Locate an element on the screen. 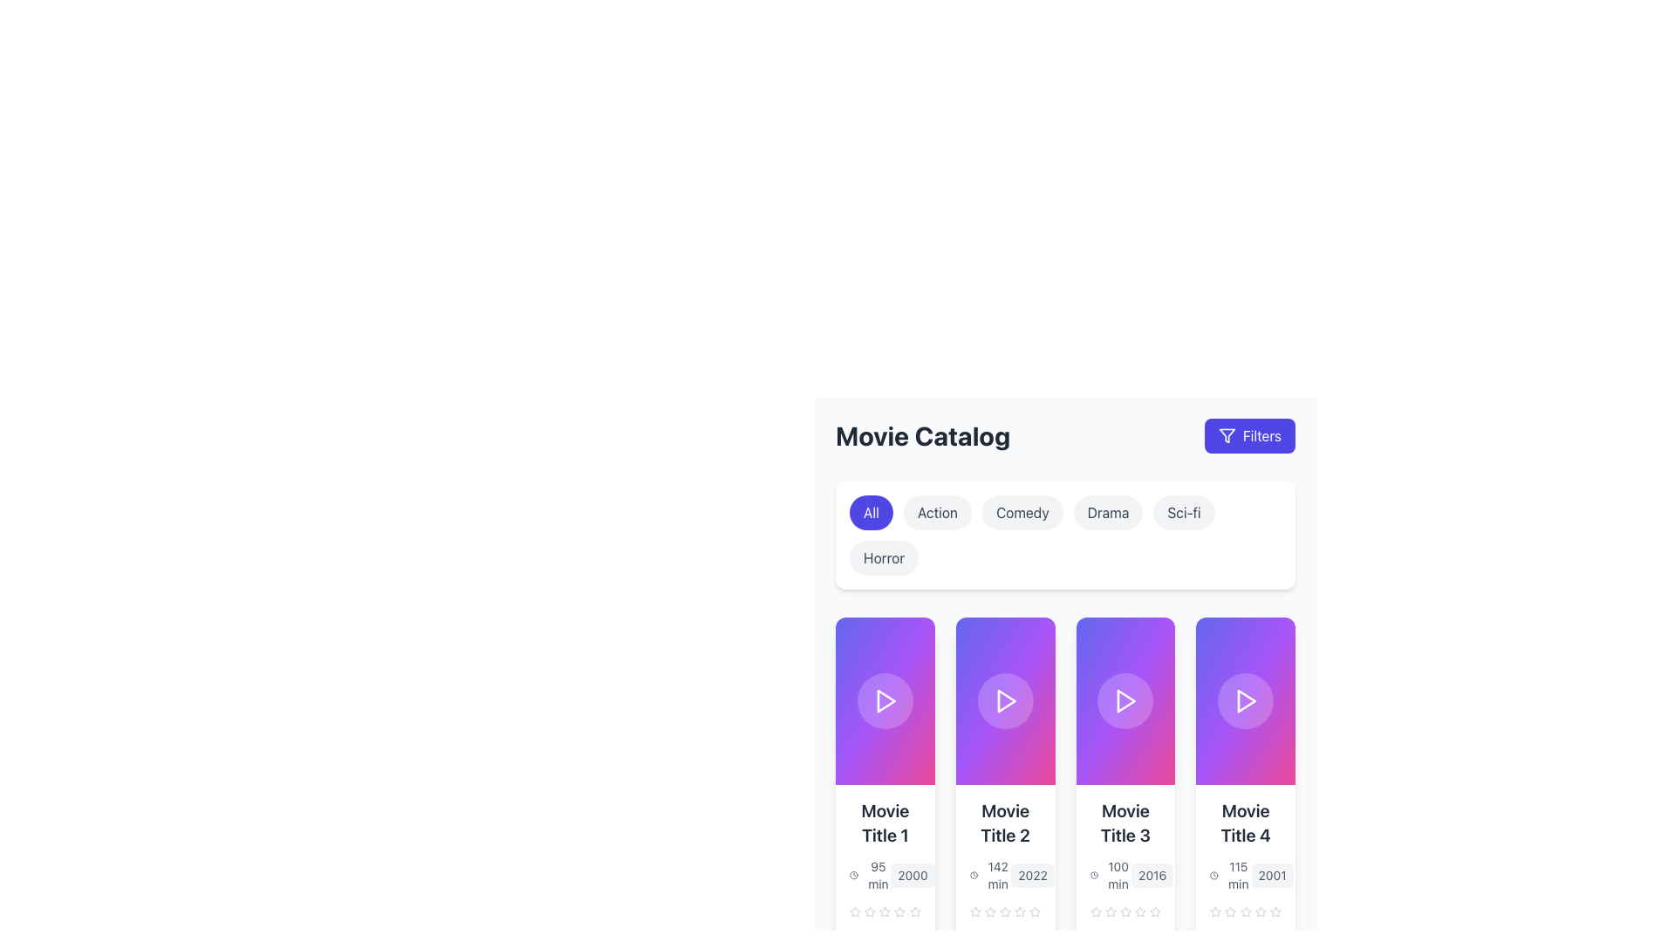 This screenshot has width=1675, height=942. the first interactive star icon in the rating system below 'Movie Title 3' to rate the movie with 1 star is located at coordinates (1095, 911).